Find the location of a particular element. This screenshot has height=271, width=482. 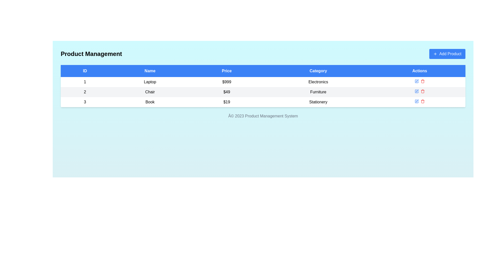

the third row in the 'Product Management' table that displays details about the product with ID 3 is located at coordinates (263, 102).